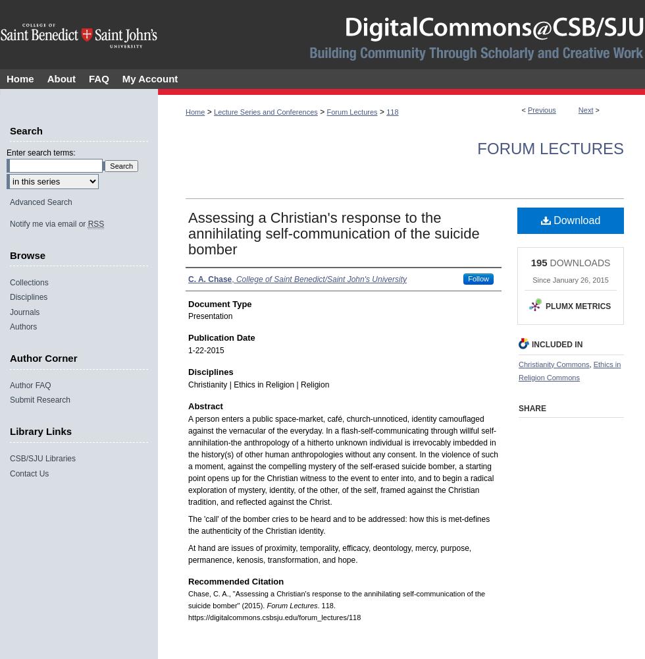 Image resolution: width=645 pixels, height=659 pixels. Describe the element at coordinates (9, 473) in the screenshot. I see `'Contact Us'` at that location.